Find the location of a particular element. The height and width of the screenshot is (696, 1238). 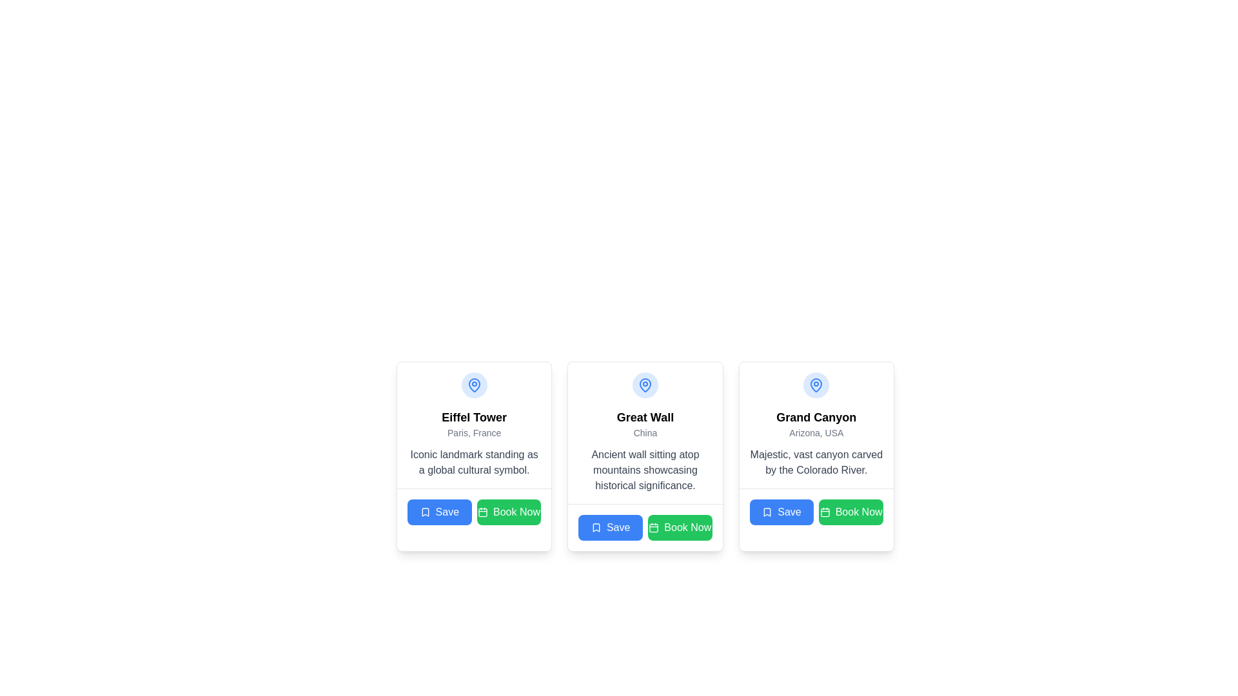

the save icon within the 'Save' button in the 'Great Wall' card is located at coordinates (595, 527).